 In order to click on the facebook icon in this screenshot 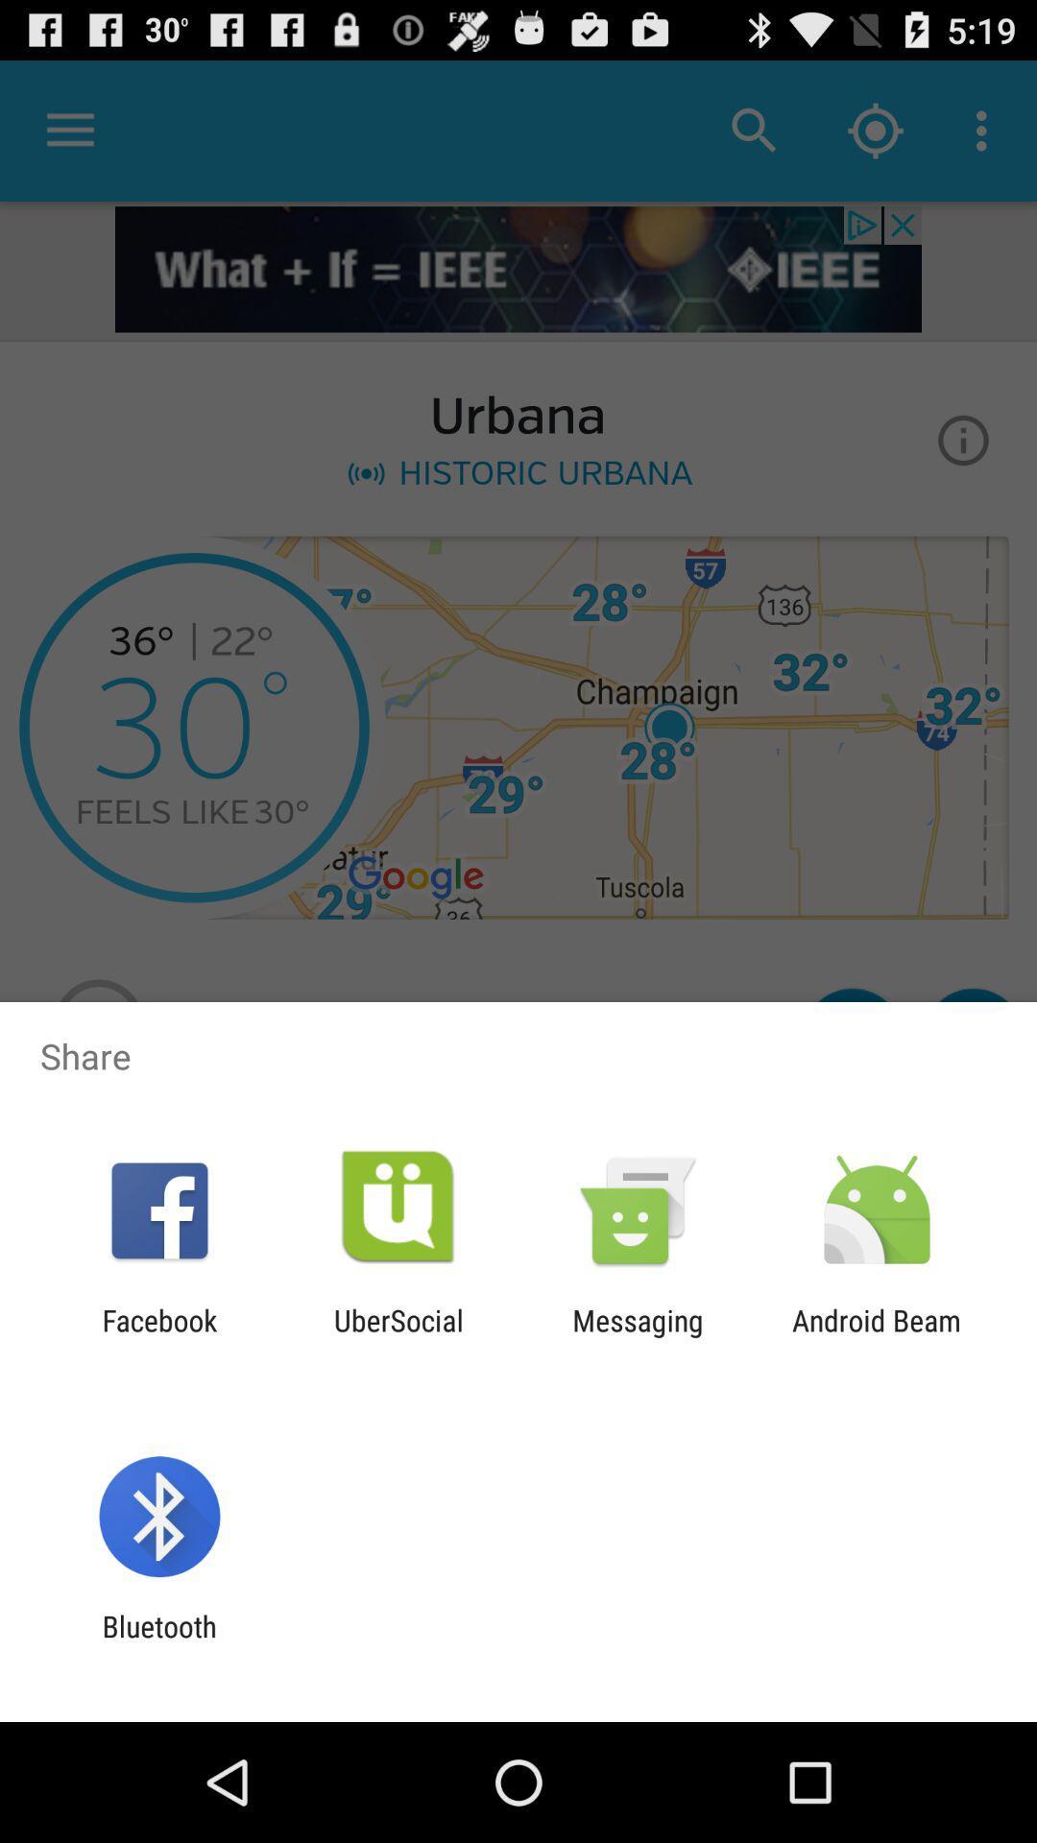, I will do `click(158, 1336)`.